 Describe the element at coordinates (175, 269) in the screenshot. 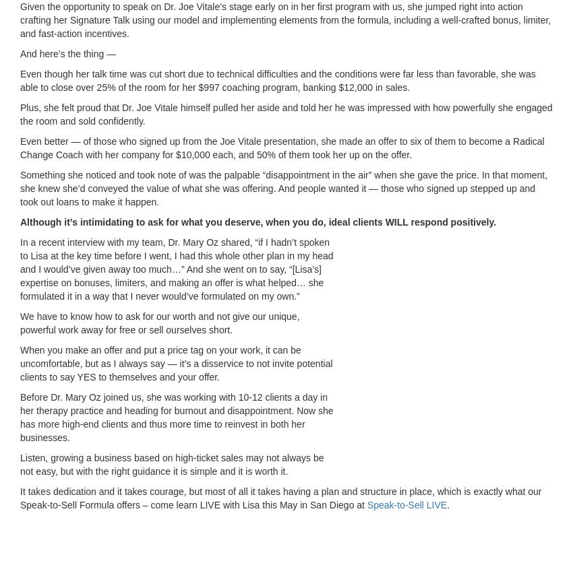

I see `'In a recent interview with my team, Dr. Mary Oz shared, “if I hadn’t spoken to Lisa at the key time before I went, I had this whole other plan in my head and I would’ve given away too much…” And she went on to say, “[Lisa’s] expertise on bonuses, limiters, and making an offer is what helped… she formulated it in a way that I never would’ve formulated on my own.”'` at that location.